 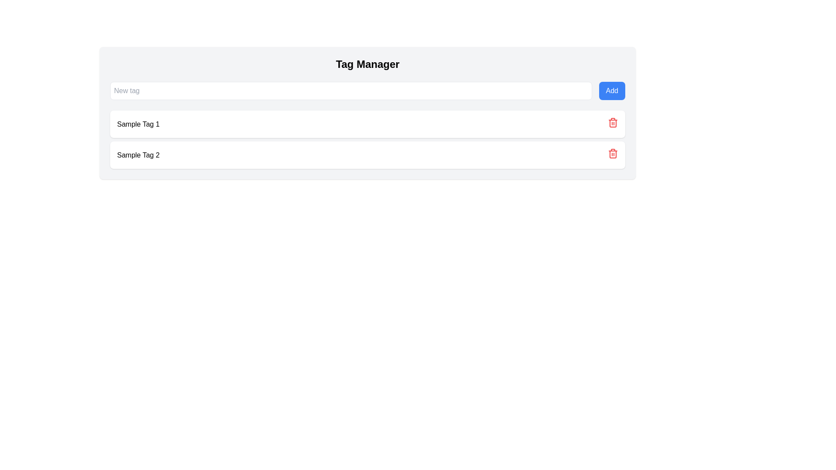 What do you see at coordinates (611, 91) in the screenshot?
I see `the 'Add' button located in the upper right corner of the panel, adjacent to the 'New tag' input field, to interact with the keyboard` at bounding box center [611, 91].